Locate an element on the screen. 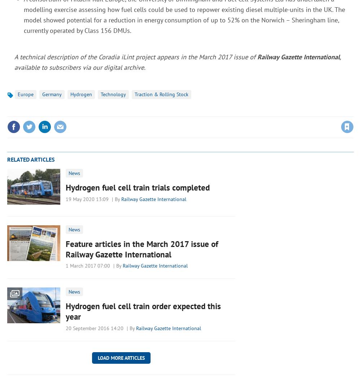 The image size is (361, 384). 'Technology' is located at coordinates (113, 94).